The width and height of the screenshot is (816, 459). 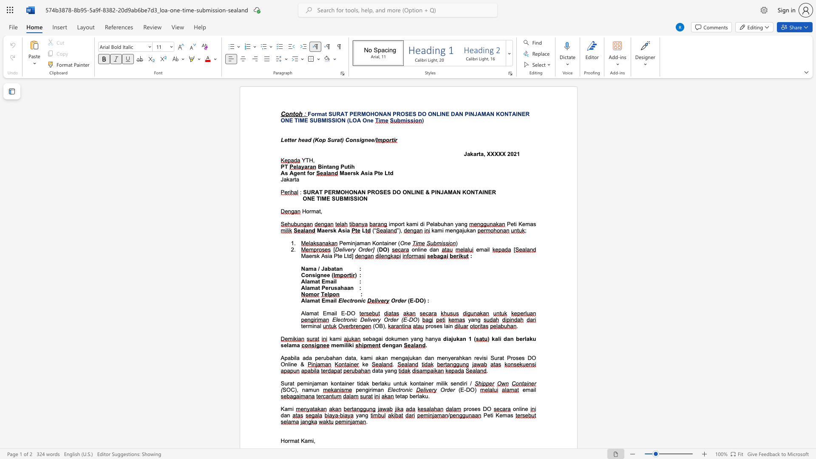 I want to click on the subset text "ha" within the text "Alamat Perusahaan", so click(x=340, y=287).